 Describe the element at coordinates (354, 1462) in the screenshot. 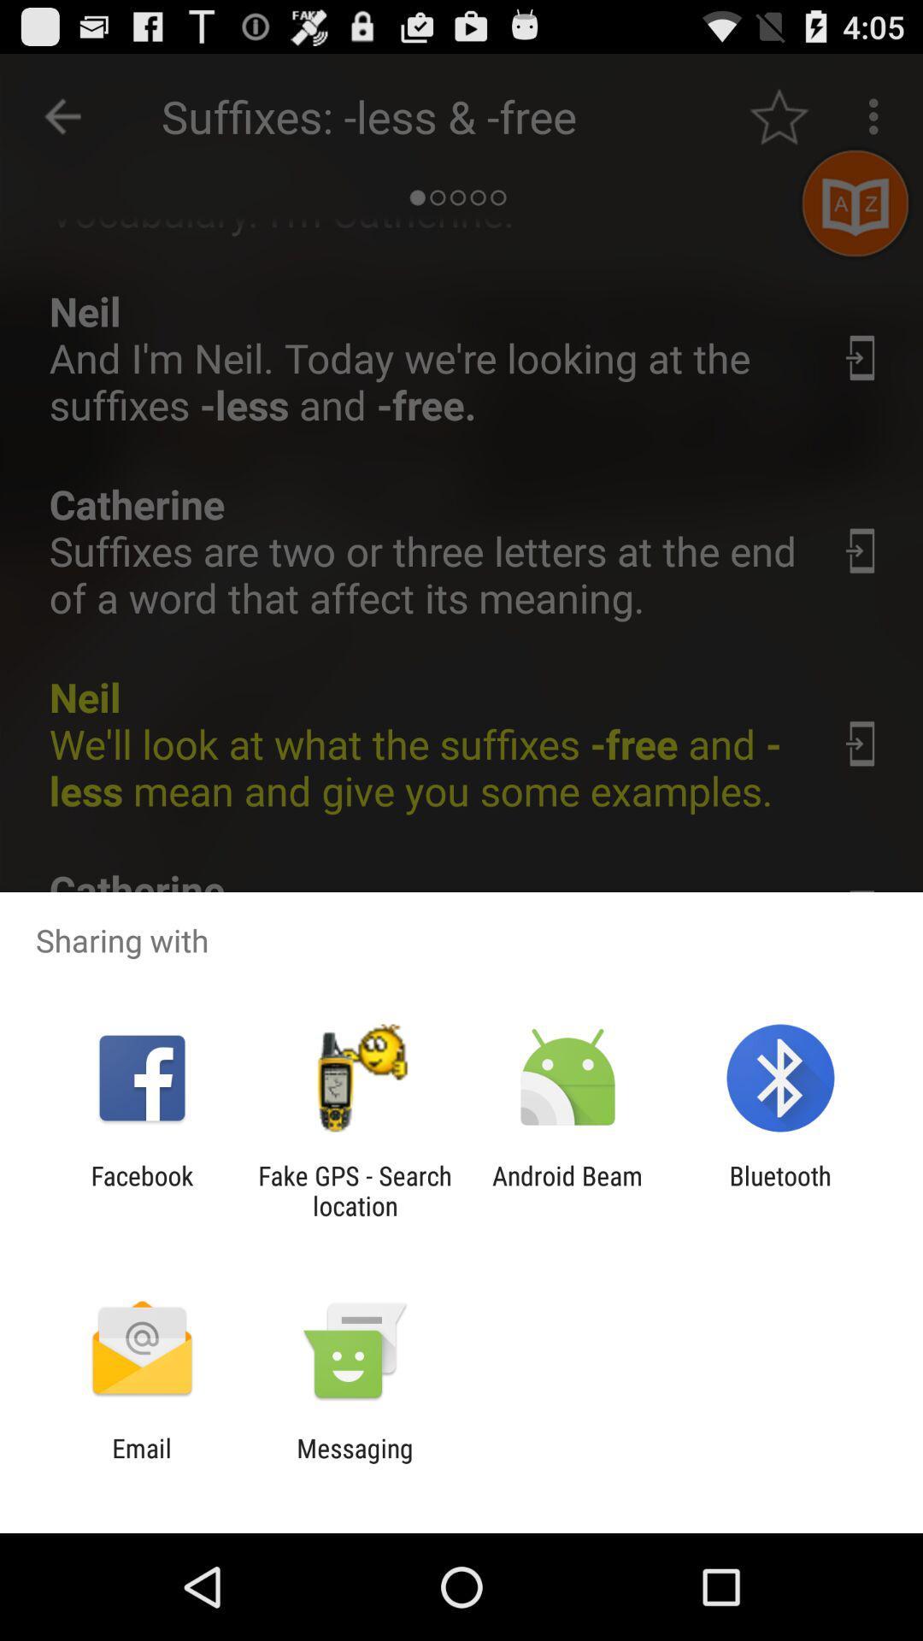

I see `the item next to the email app` at that location.